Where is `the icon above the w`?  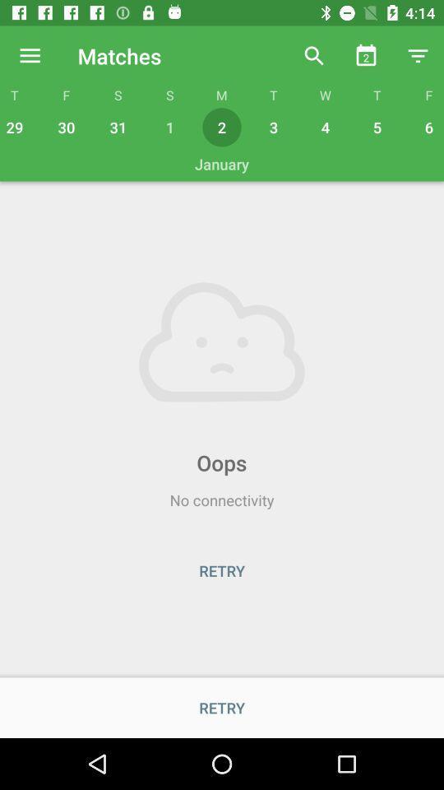
the icon above the w is located at coordinates (314, 56).